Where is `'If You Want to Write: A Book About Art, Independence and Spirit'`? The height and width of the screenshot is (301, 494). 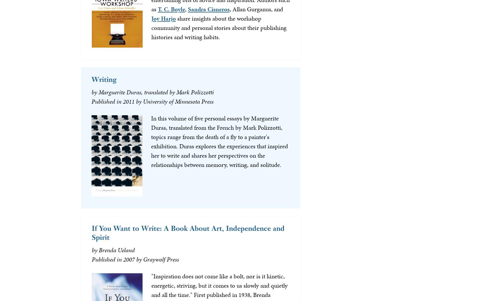 'If You Want to Write: A Book About Art, Independence and Spirit' is located at coordinates (188, 232).